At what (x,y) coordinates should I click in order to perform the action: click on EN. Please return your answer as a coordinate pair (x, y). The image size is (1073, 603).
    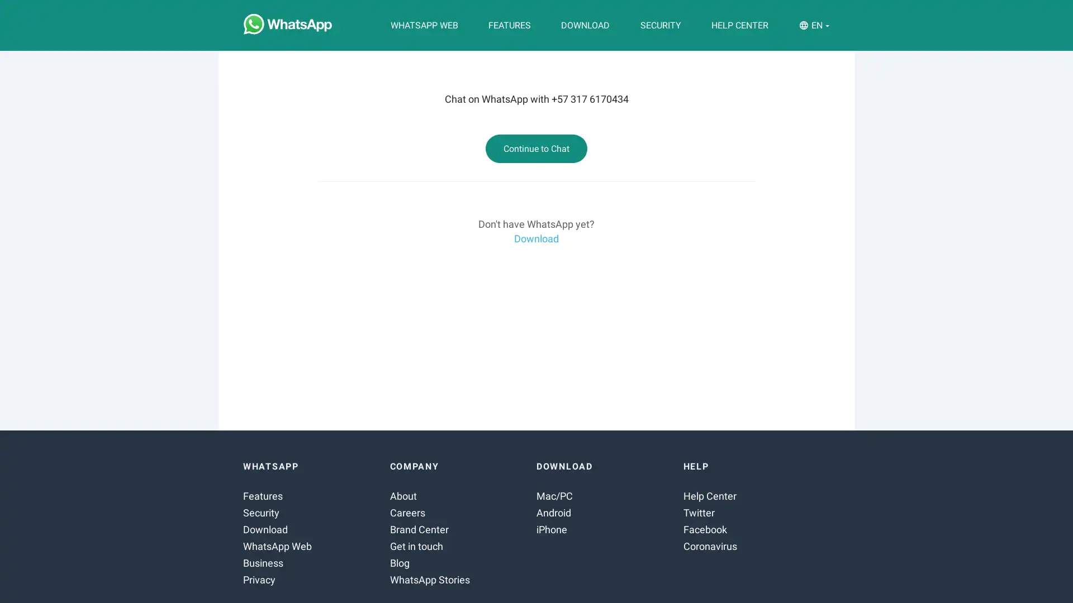
    Looking at the image, I should click on (814, 25).